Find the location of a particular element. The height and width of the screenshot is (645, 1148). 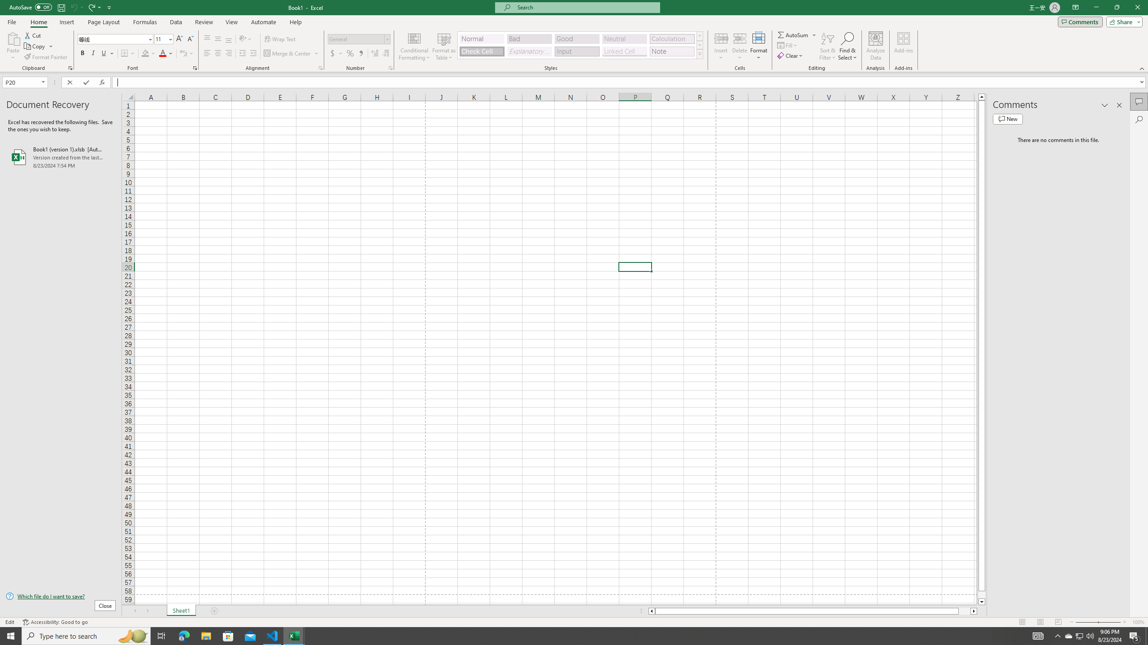

'New comment' is located at coordinates (1007, 118).